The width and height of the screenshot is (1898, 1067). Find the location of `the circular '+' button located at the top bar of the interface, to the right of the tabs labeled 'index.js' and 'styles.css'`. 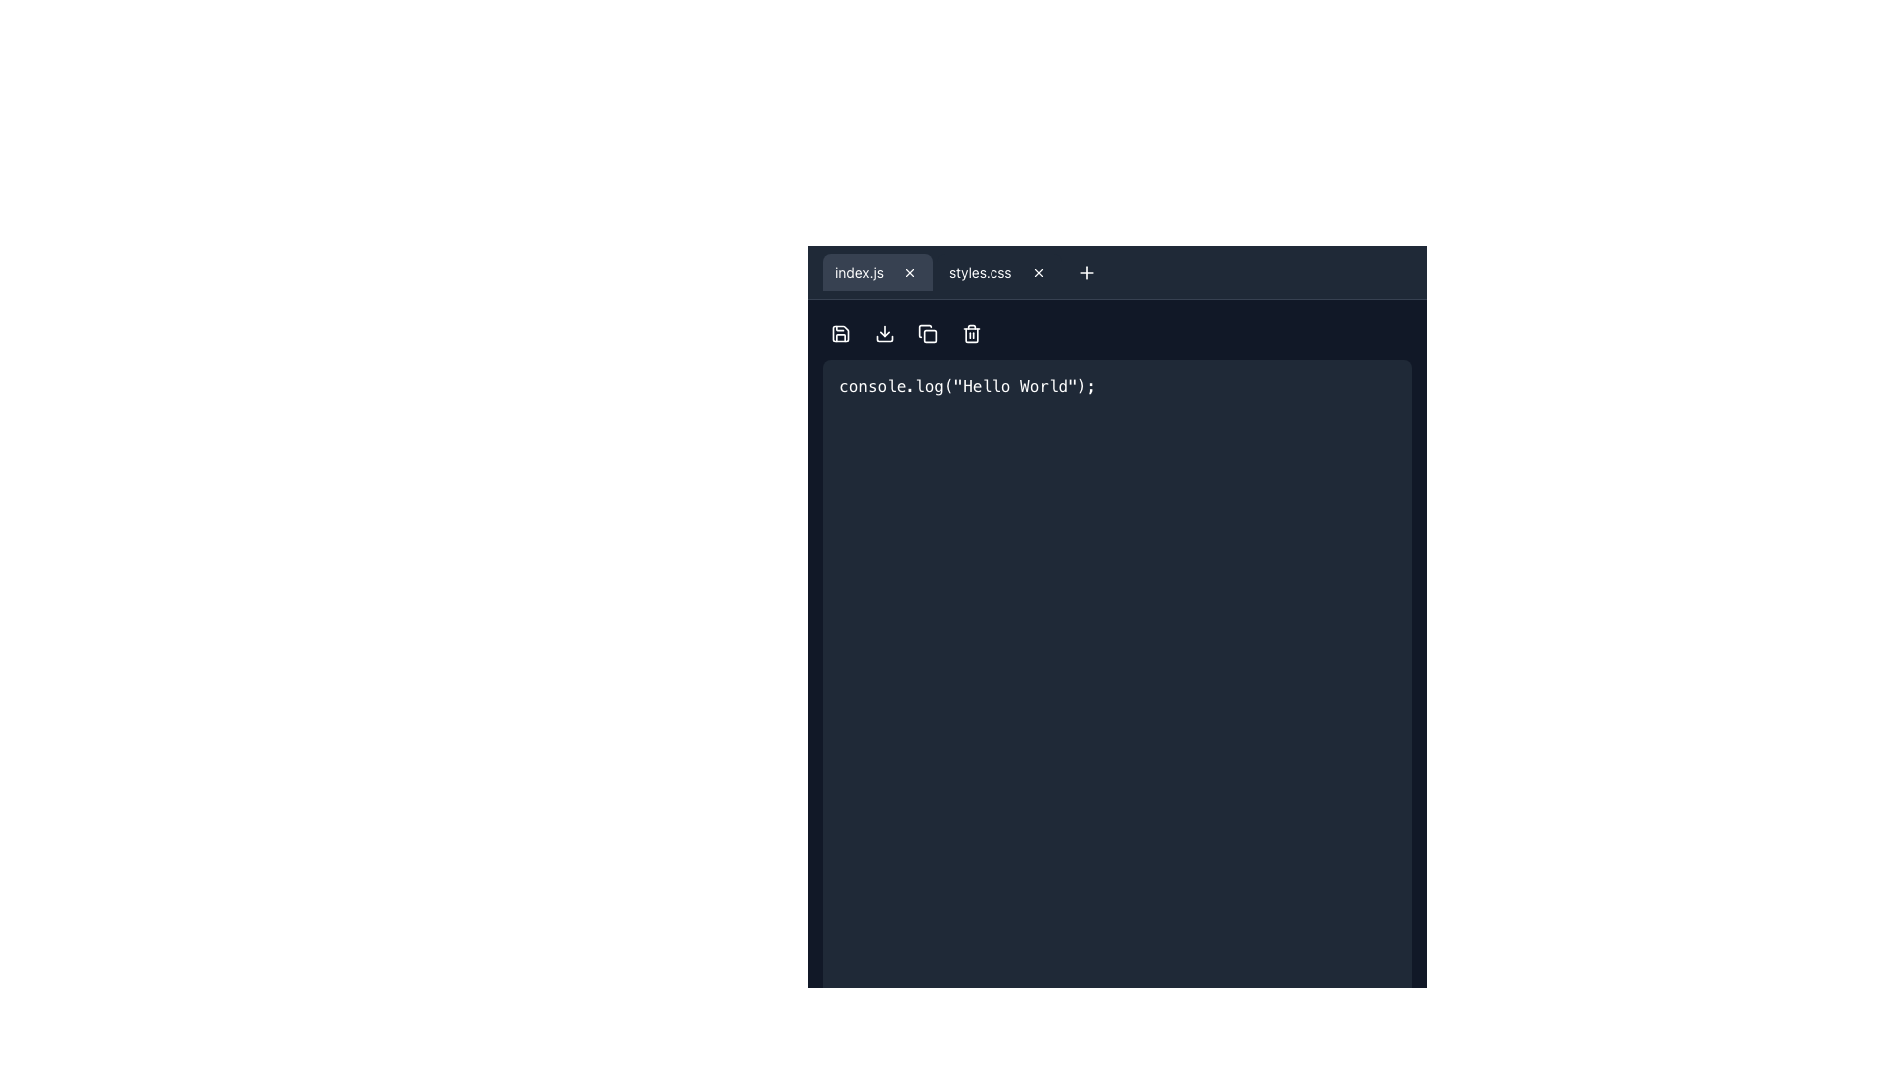

the circular '+' button located at the top bar of the interface, to the right of the tabs labeled 'index.js' and 'styles.css' is located at coordinates (1085, 273).